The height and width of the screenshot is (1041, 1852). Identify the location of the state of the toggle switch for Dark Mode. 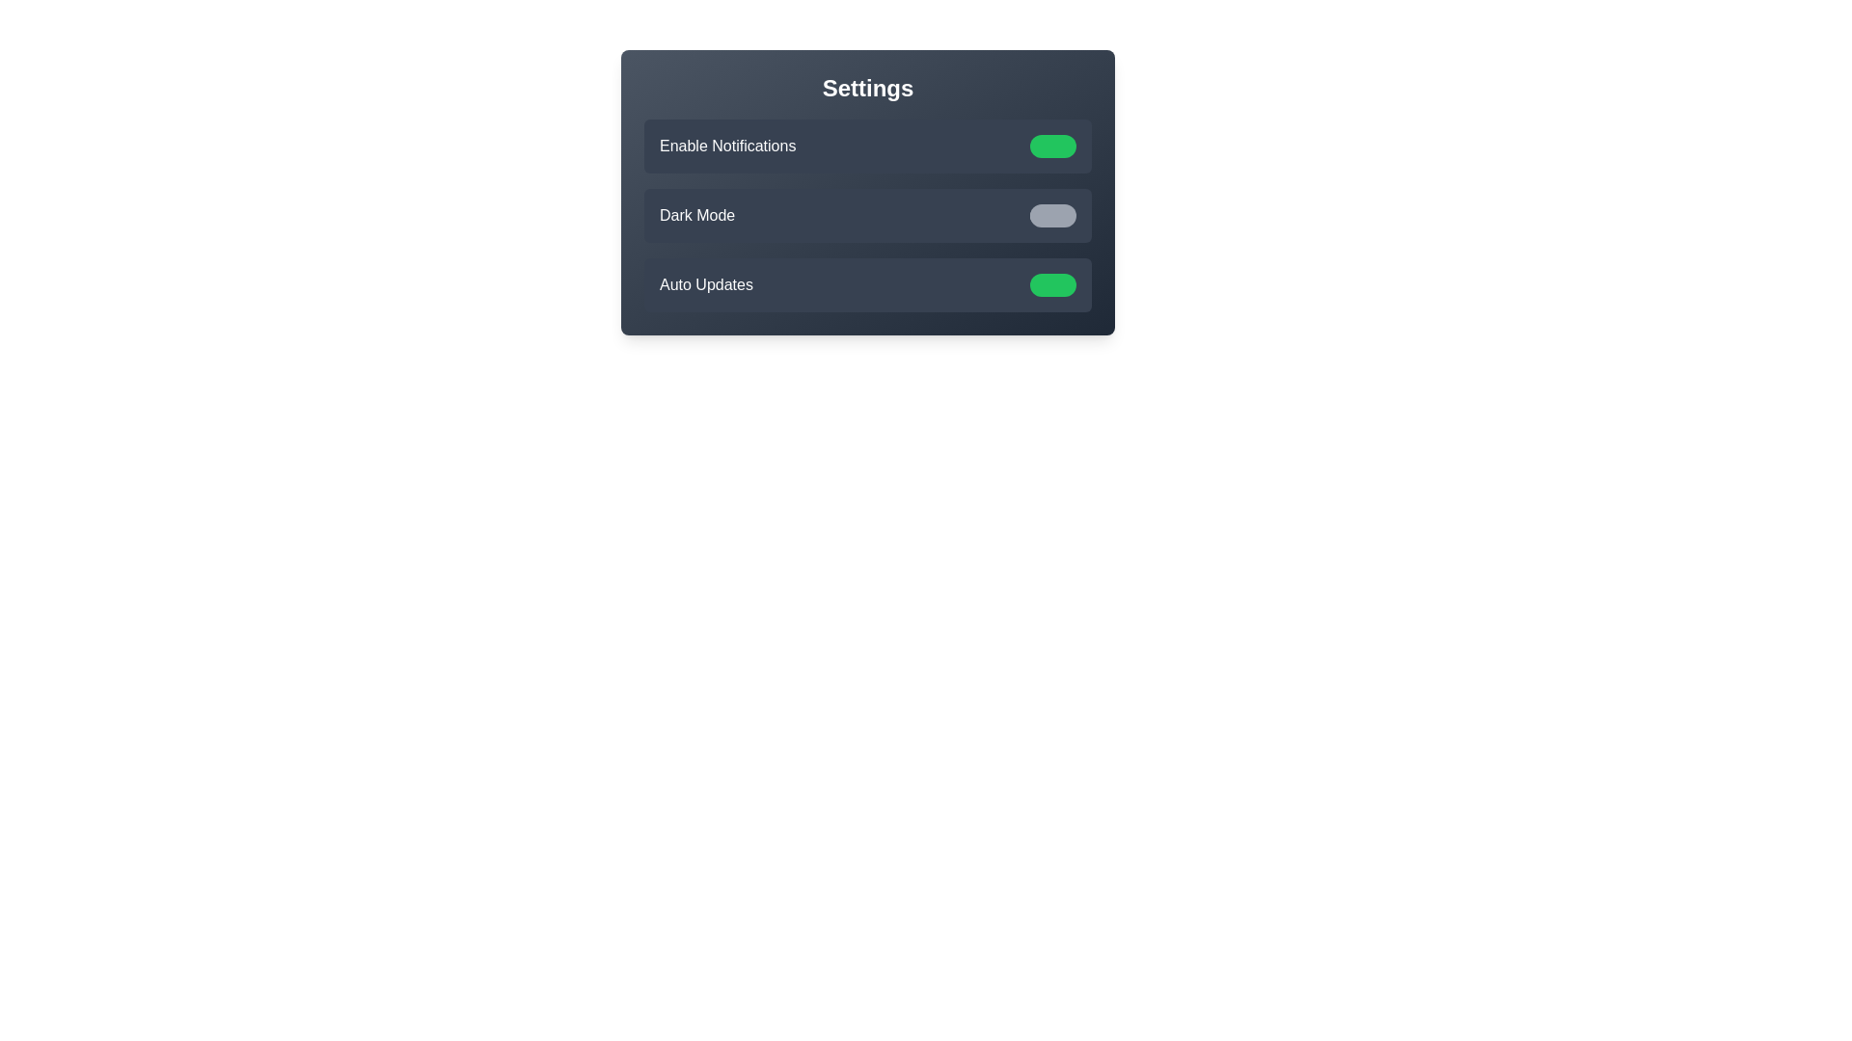
(1051, 215).